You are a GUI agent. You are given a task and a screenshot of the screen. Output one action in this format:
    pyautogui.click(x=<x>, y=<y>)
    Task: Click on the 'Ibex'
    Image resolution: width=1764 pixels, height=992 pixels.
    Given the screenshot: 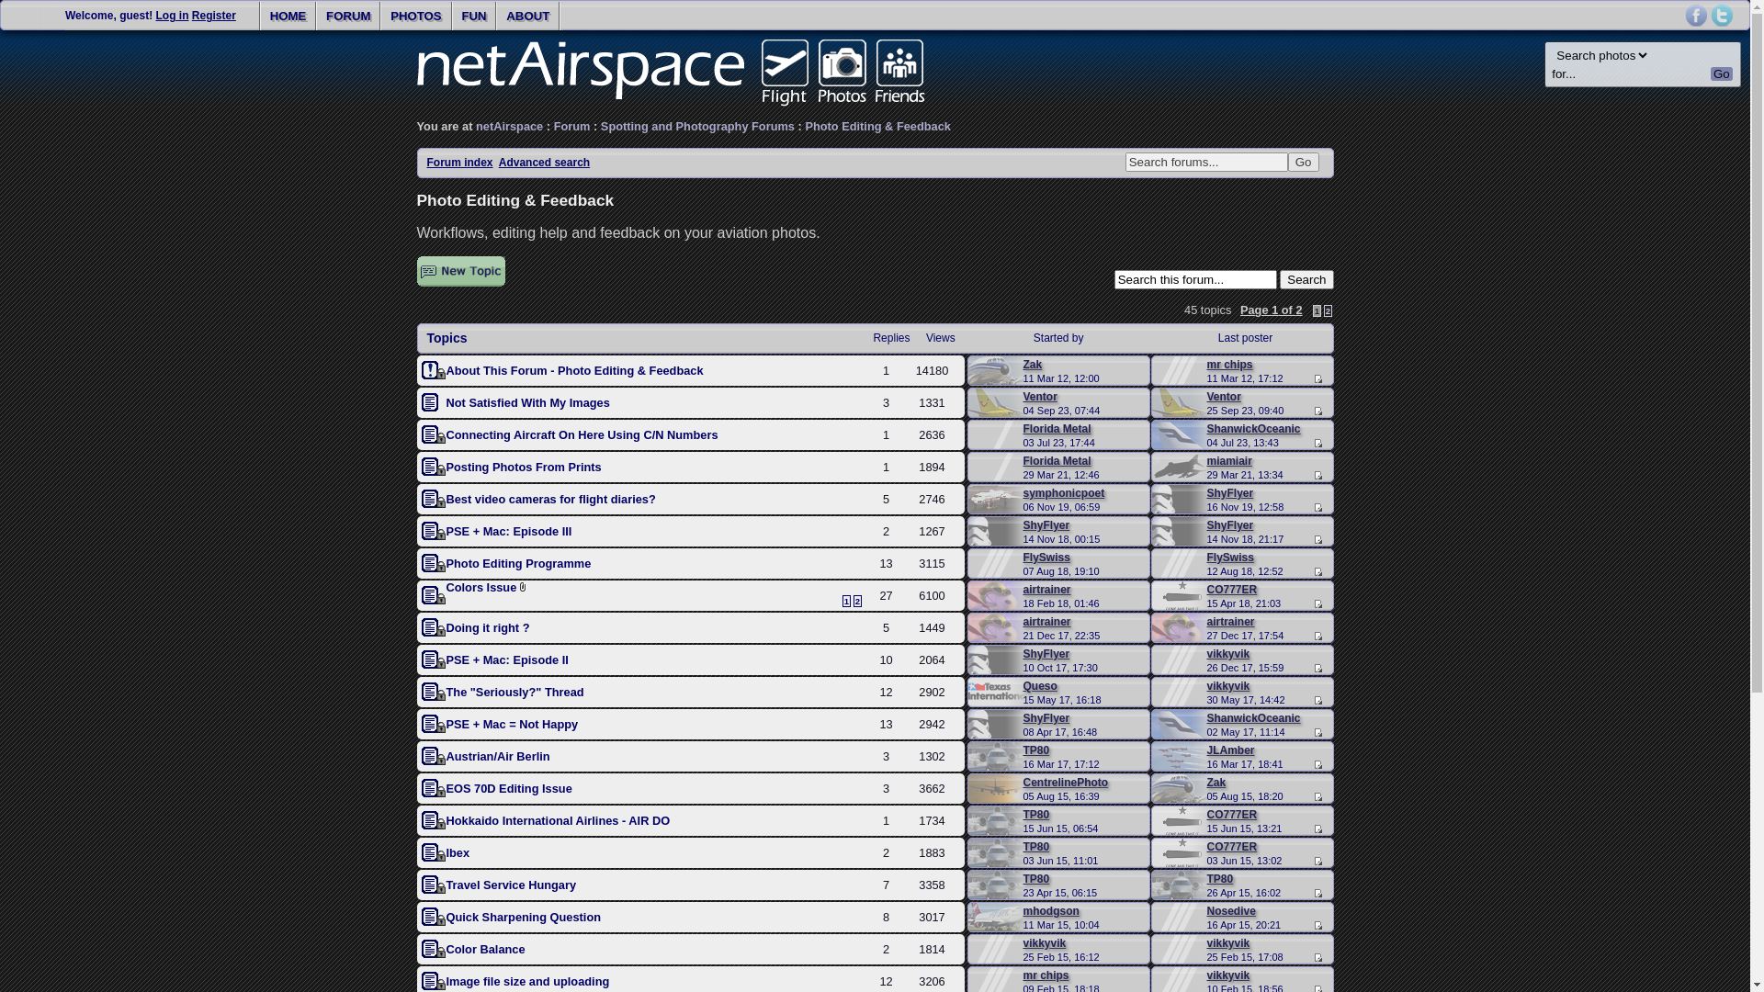 What is the action you would take?
    pyautogui.click(x=458, y=852)
    